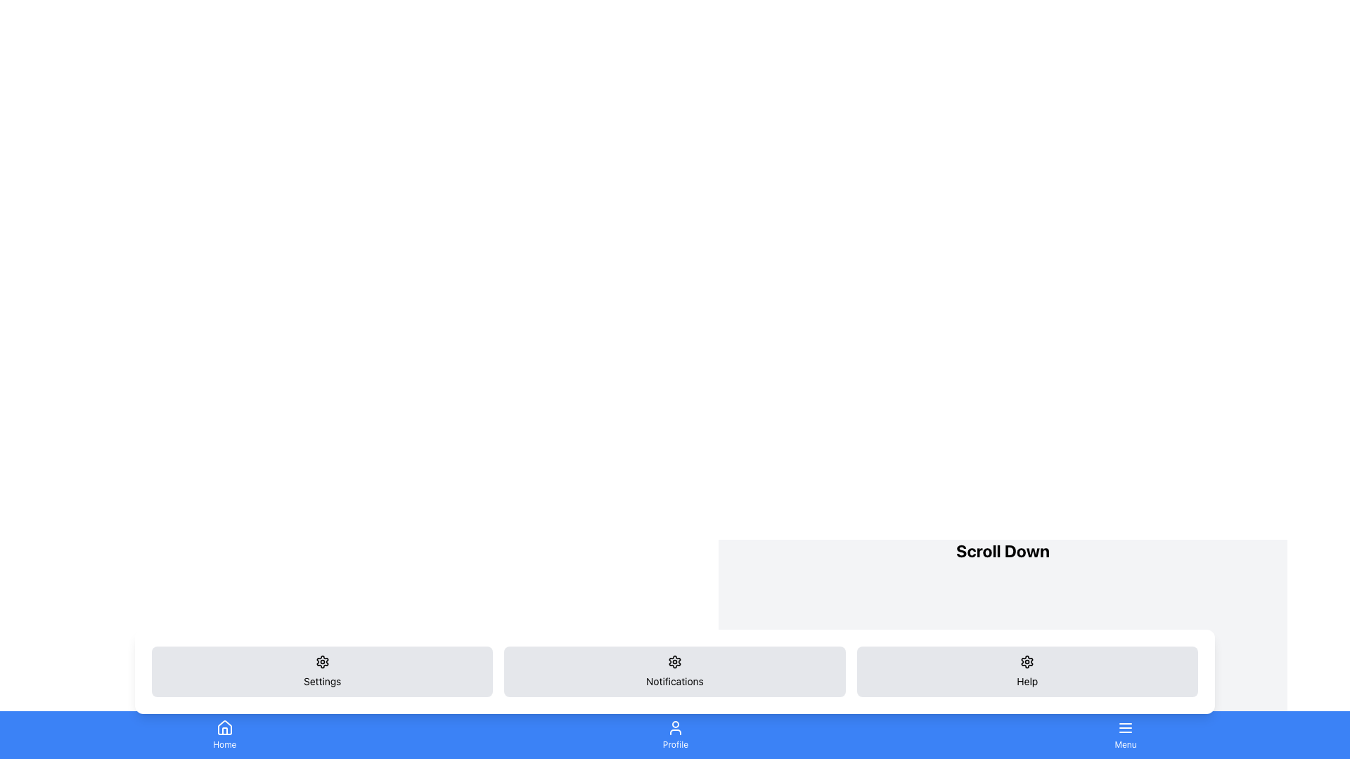 Image resolution: width=1350 pixels, height=759 pixels. What do you see at coordinates (1126, 744) in the screenshot?
I see `the 'Menu' text label located at the bottom-right corner of the interface, directly beneath the three-line menu icon` at bounding box center [1126, 744].